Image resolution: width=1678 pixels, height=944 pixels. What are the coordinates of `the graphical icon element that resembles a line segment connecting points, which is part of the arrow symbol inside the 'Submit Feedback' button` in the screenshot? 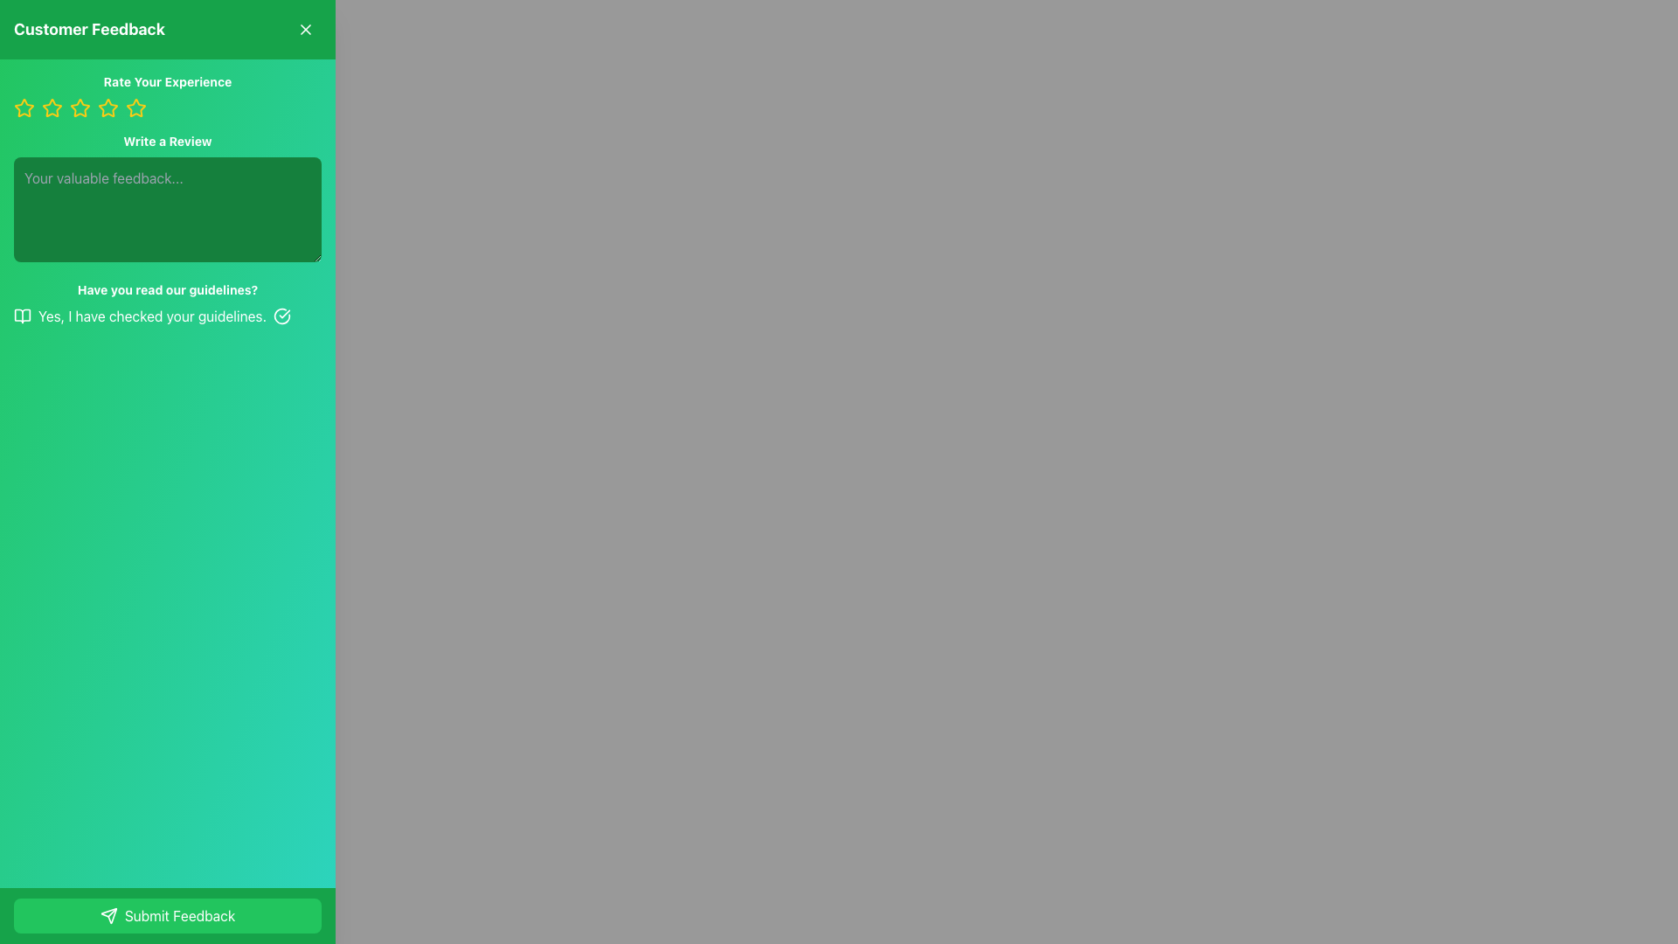 It's located at (111, 912).